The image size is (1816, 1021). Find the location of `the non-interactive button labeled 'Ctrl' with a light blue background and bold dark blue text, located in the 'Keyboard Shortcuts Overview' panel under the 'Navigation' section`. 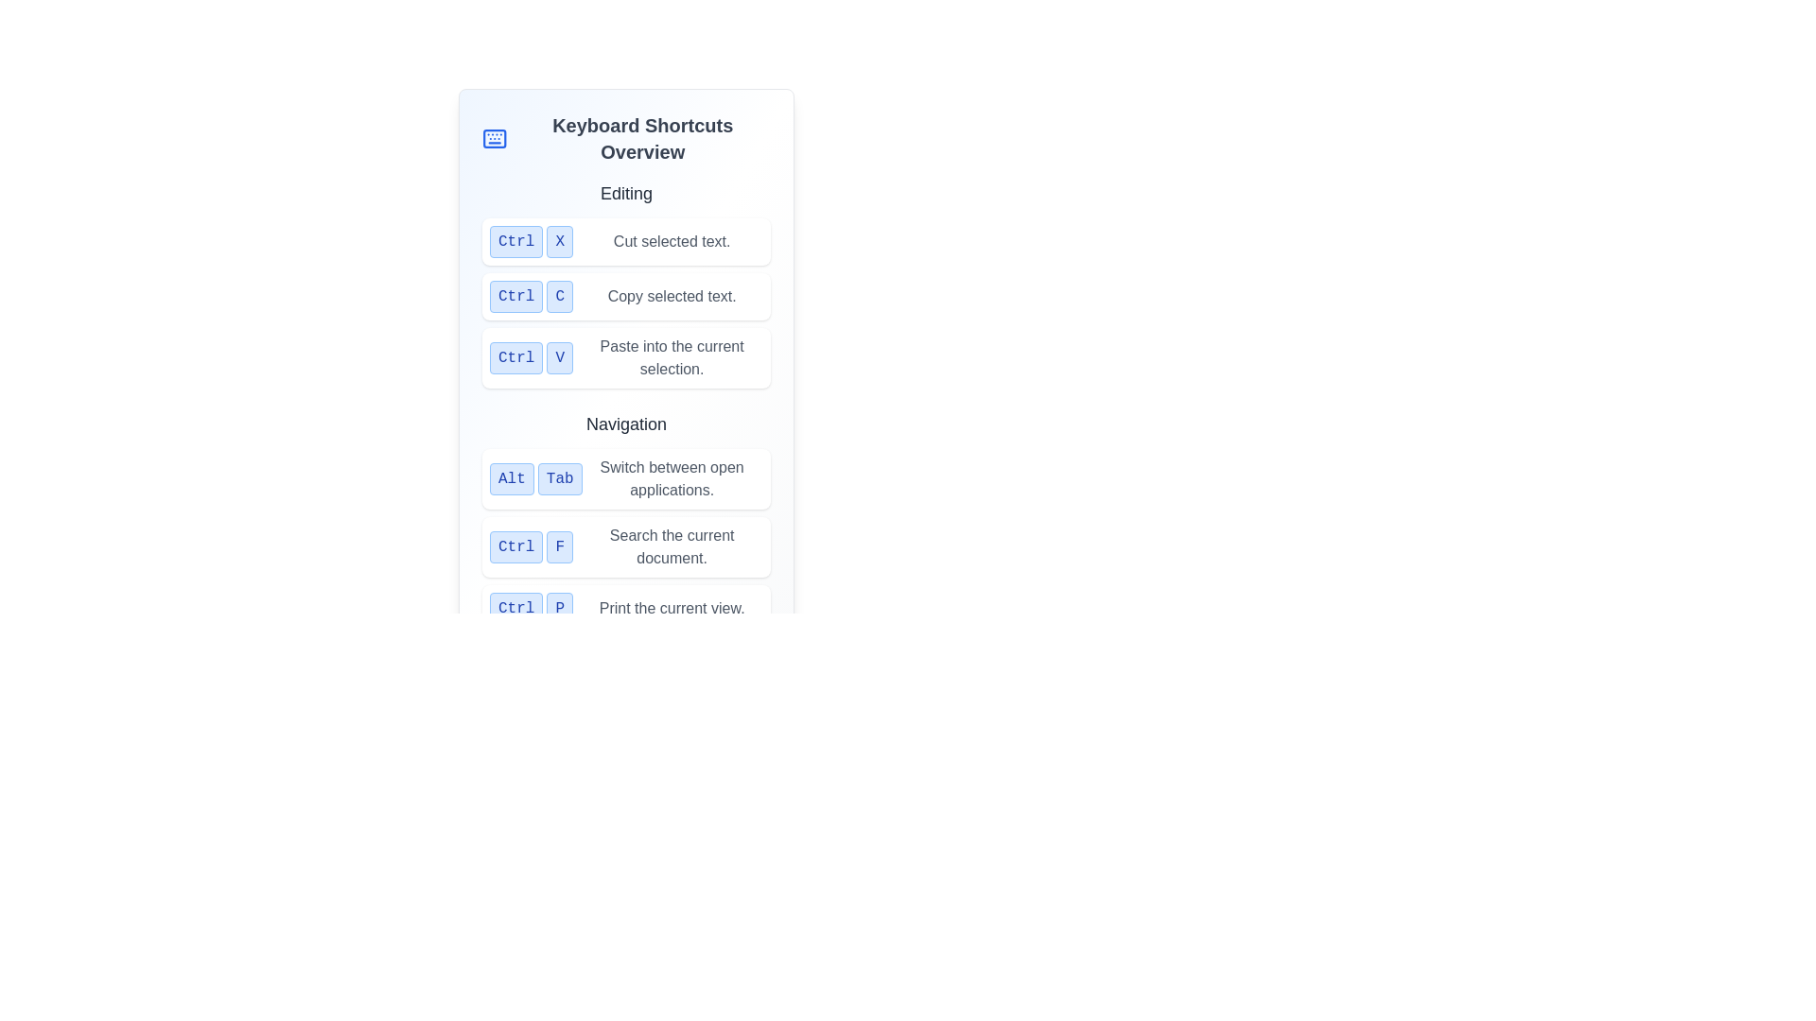

the non-interactive button labeled 'Ctrl' with a light blue background and bold dark blue text, located in the 'Keyboard Shortcuts Overview' panel under the 'Navigation' section is located at coordinates (516, 546).